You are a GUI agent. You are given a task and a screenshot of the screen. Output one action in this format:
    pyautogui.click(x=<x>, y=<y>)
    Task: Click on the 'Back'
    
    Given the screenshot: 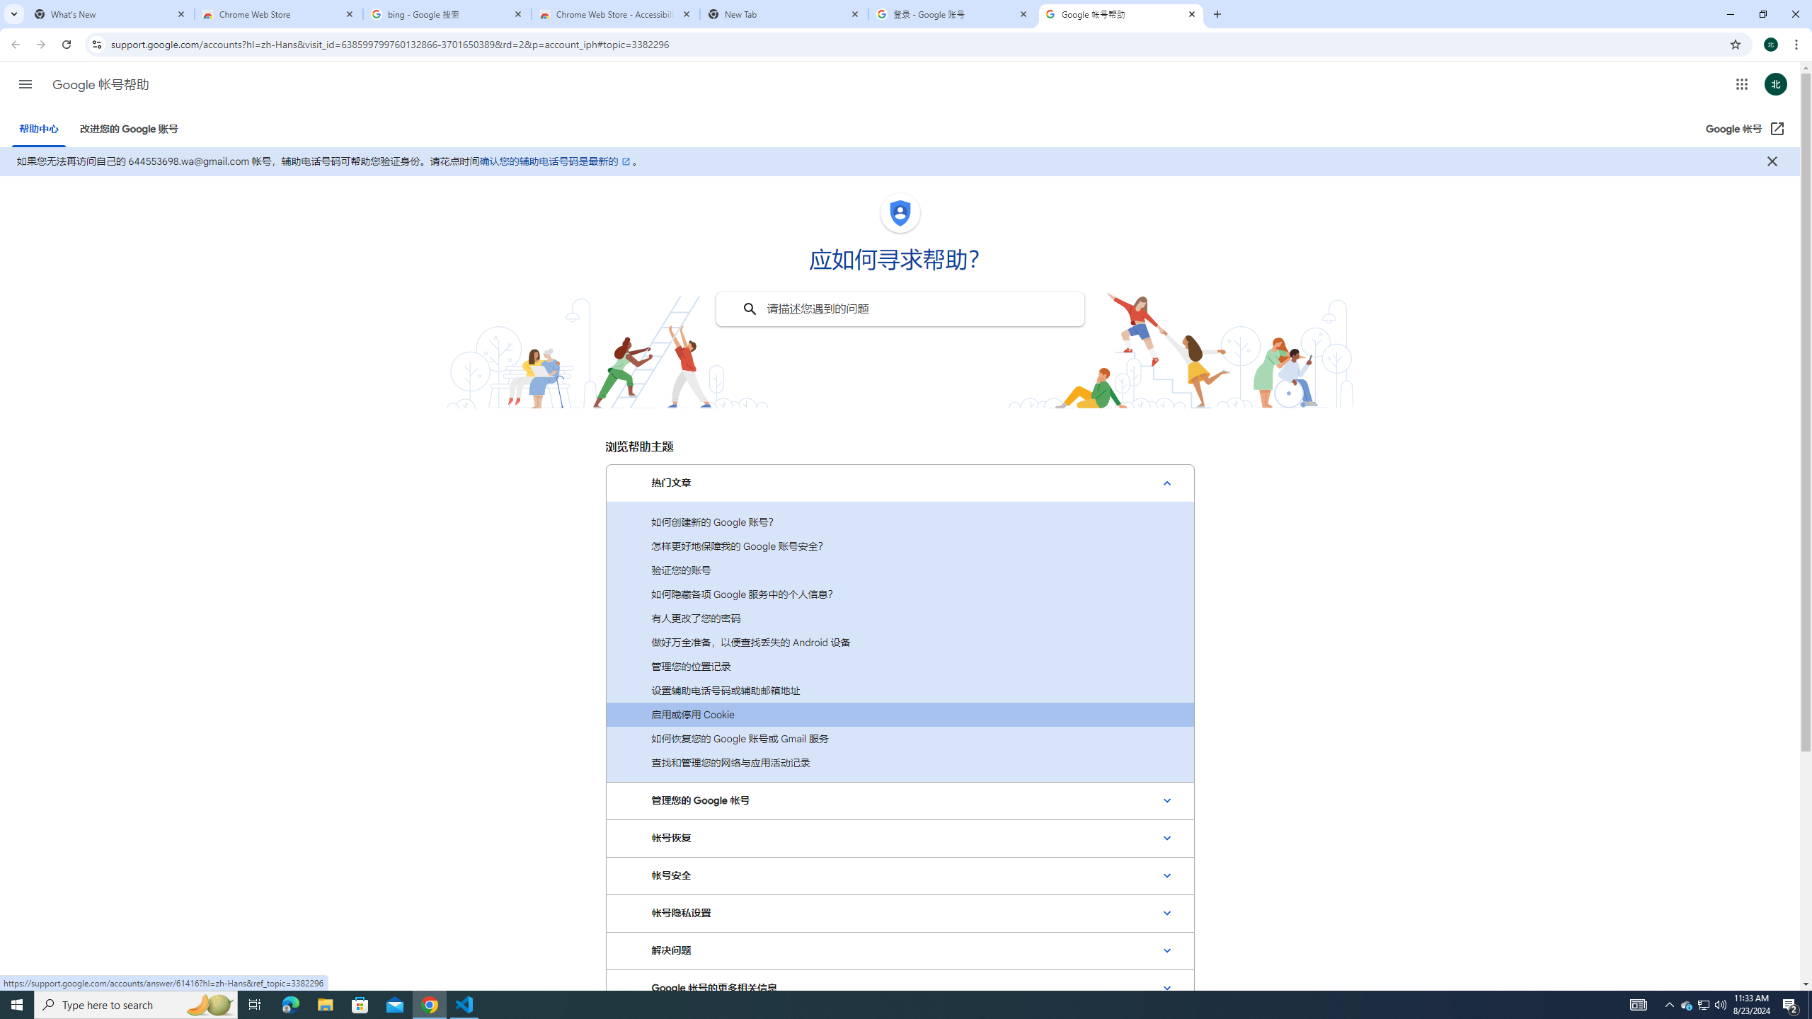 What is the action you would take?
    pyautogui.click(x=13, y=44)
    